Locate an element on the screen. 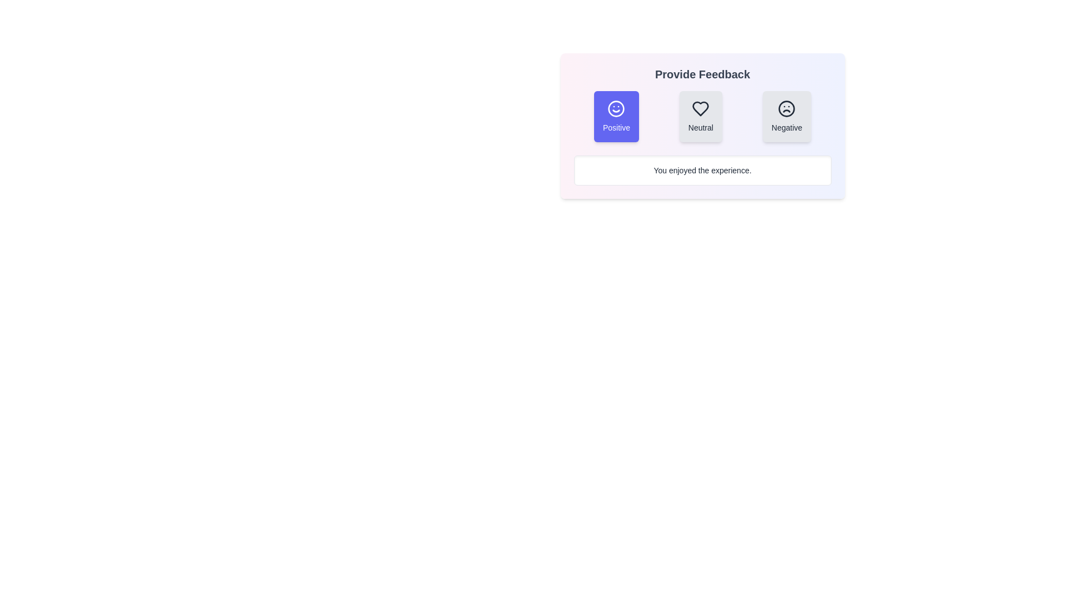 This screenshot has width=1066, height=600. the feedback option Positive by clicking the corresponding button is located at coordinates (615, 116).